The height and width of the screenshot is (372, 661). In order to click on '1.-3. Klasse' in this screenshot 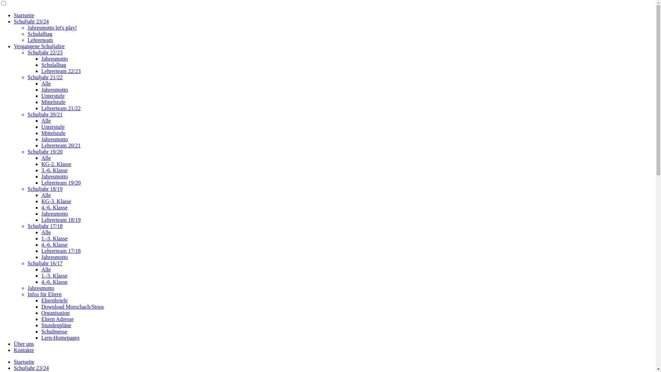, I will do `click(54, 275)`.